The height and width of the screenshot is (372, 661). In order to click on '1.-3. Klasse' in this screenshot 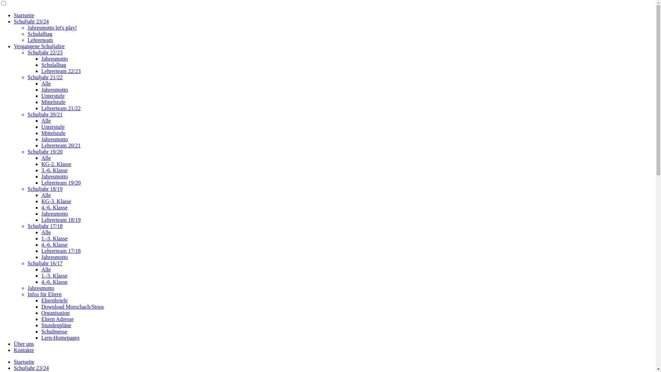, I will do `click(54, 275)`.